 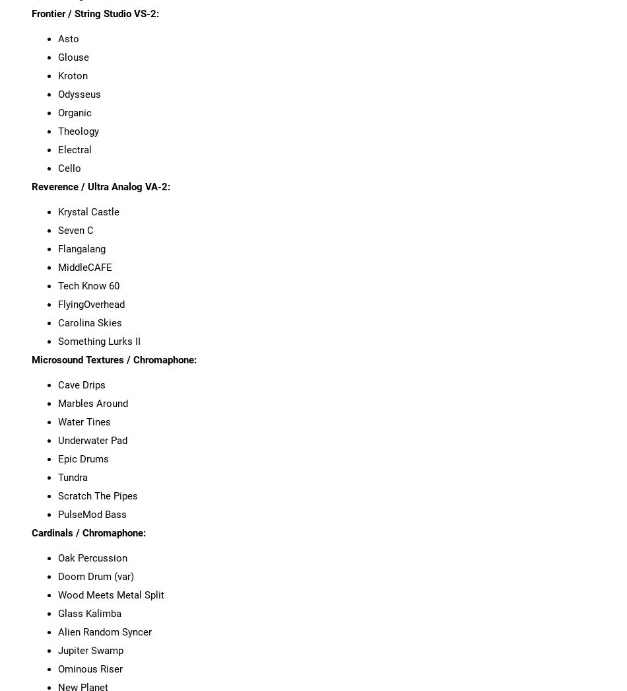 What do you see at coordinates (92, 439) in the screenshot?
I see `'Underwater Pad'` at bounding box center [92, 439].